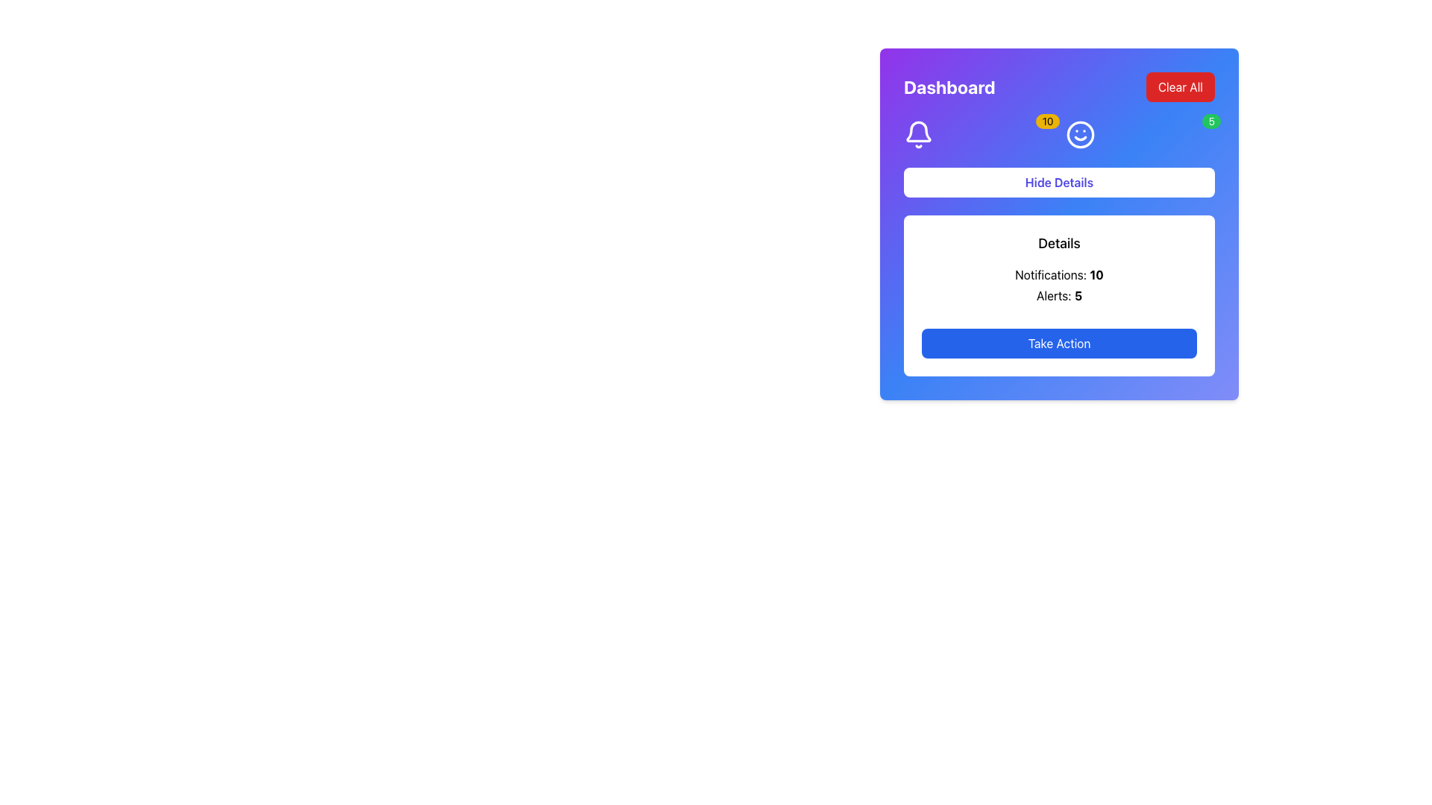 This screenshot has height=805, width=1432. Describe the element at coordinates (1058, 275) in the screenshot. I see `notification count displayed in the static text label 'Notifications: 10' located at the top of the 'Details' section on the dashboard panel` at that location.